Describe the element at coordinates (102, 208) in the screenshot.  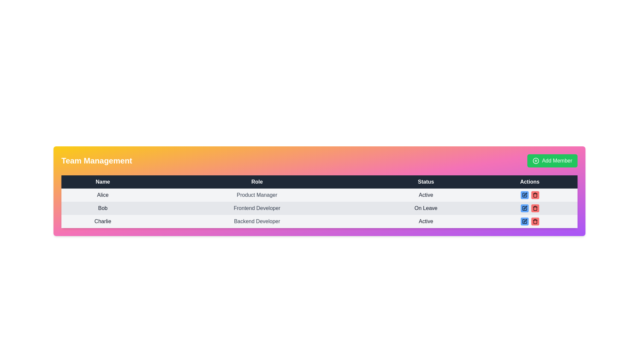
I see `the text label displaying the name 'Bob' in bold font within the 'Name' column of the table layout` at that location.